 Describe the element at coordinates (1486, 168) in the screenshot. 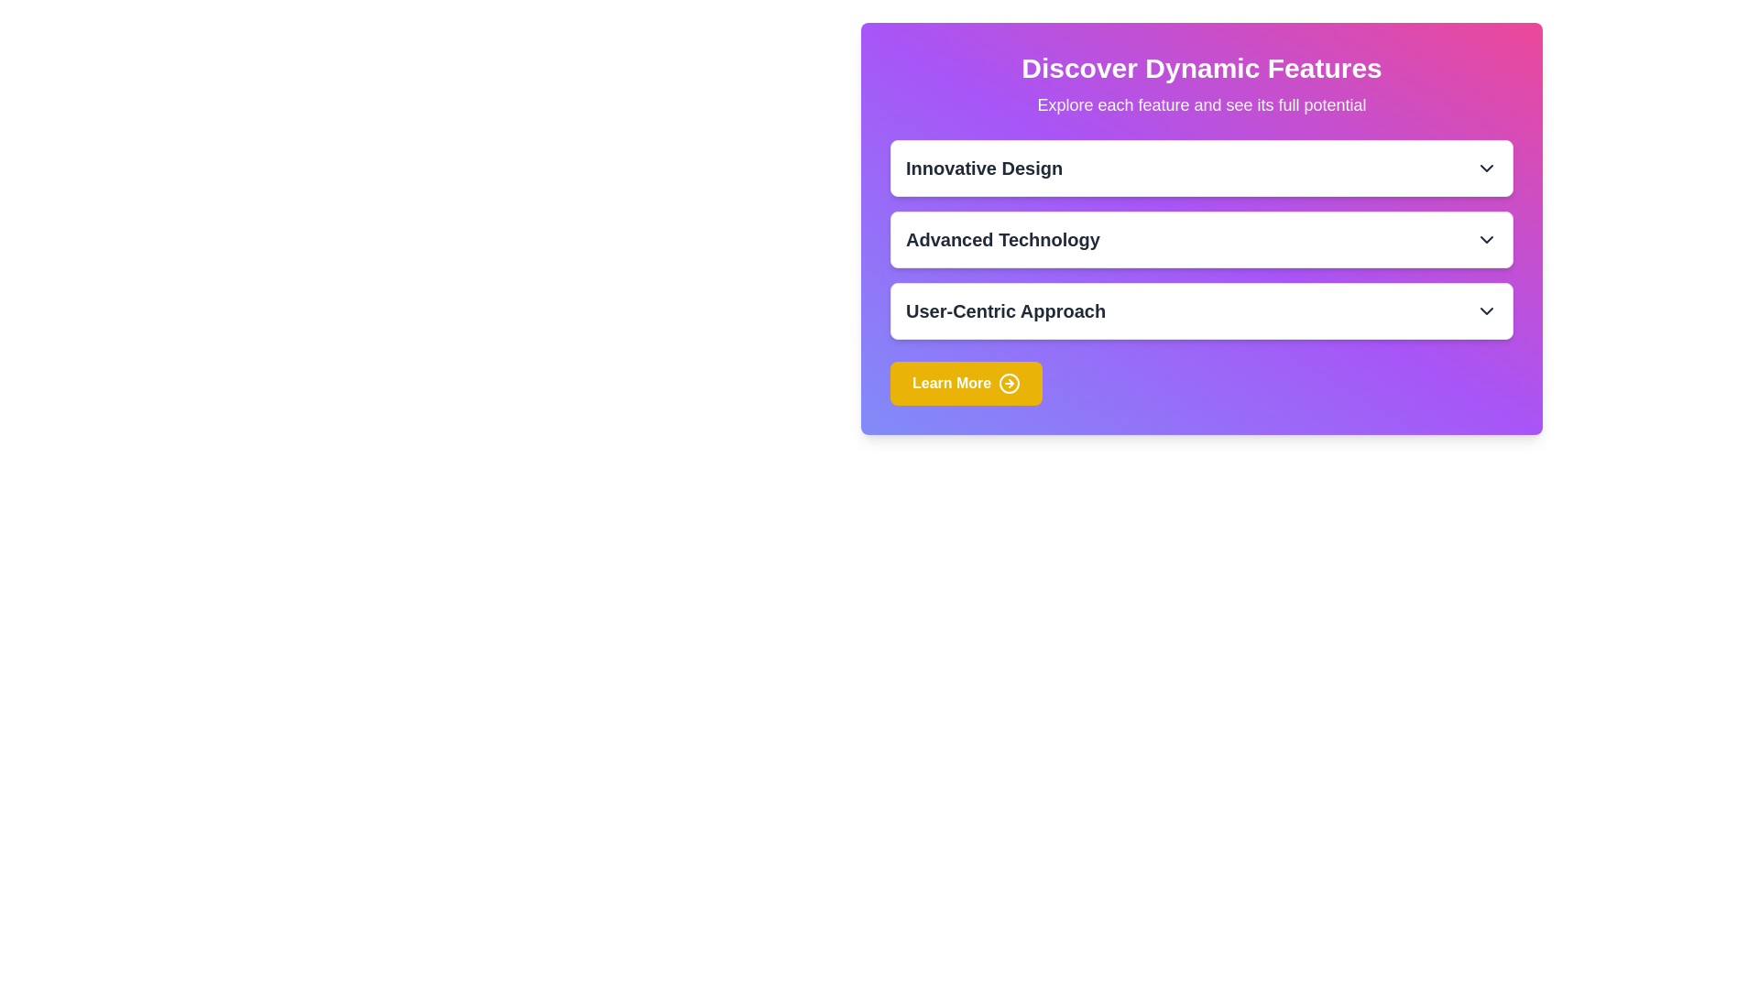

I see `the chevron-down icon button` at that location.